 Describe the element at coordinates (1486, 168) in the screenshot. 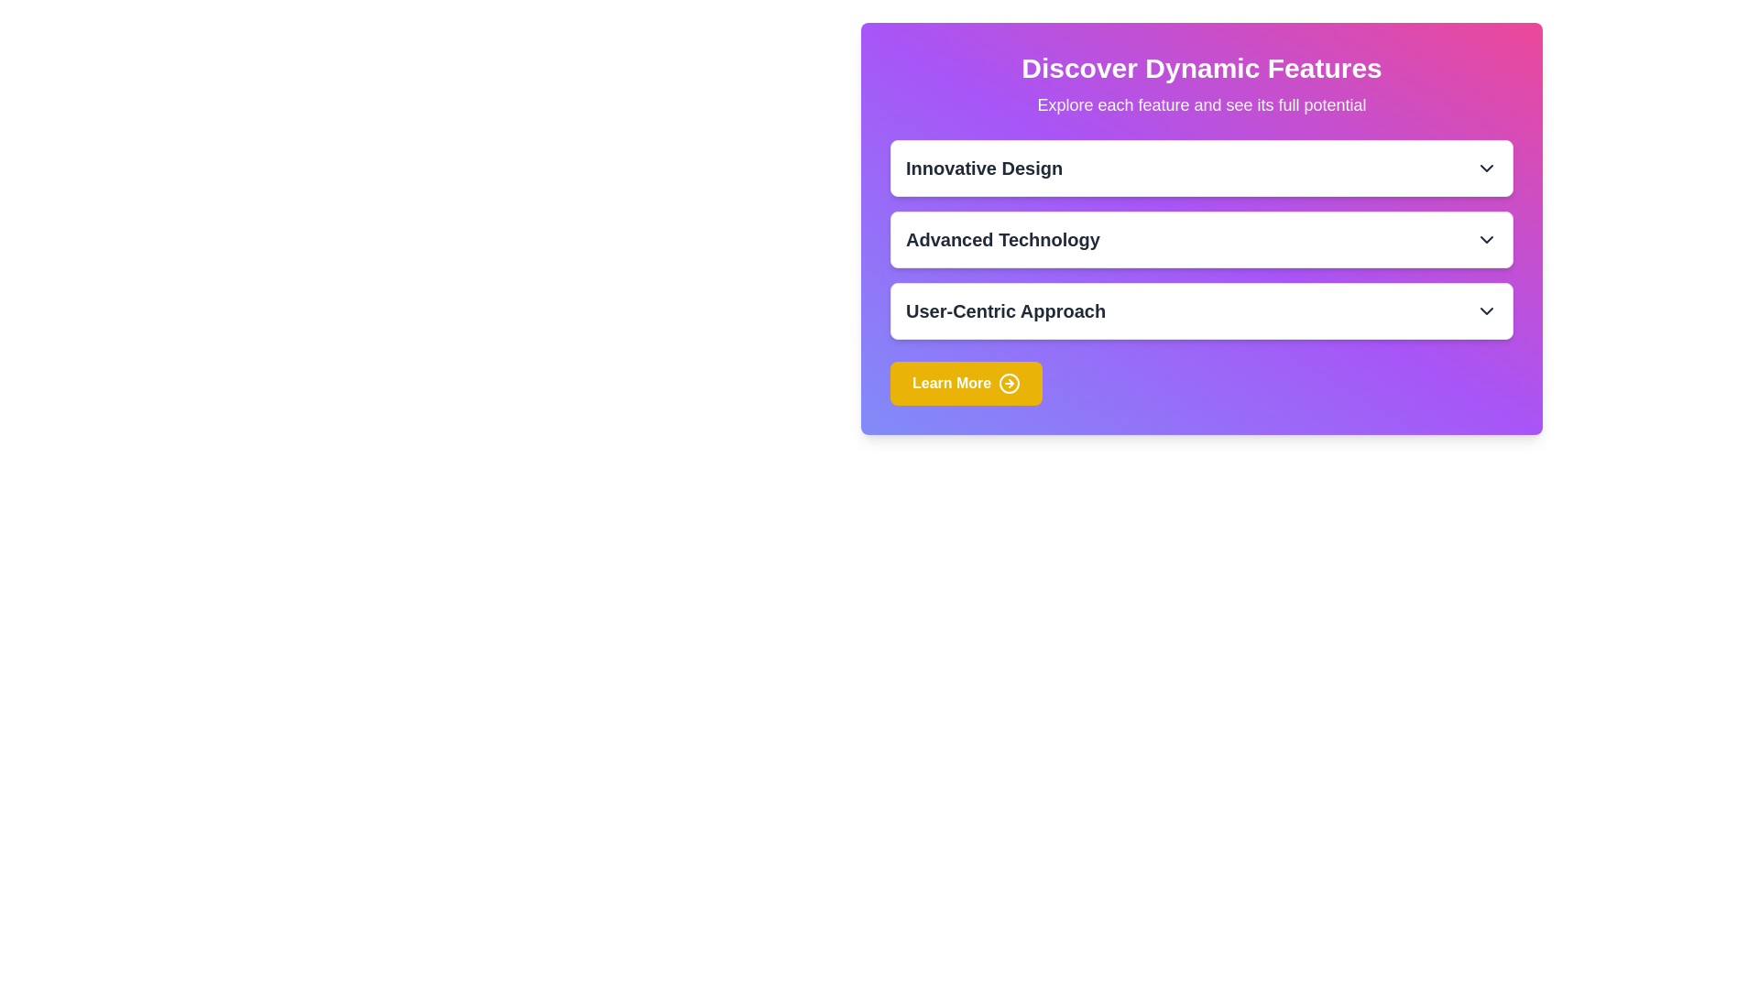

I see `the chevron-down icon button` at that location.